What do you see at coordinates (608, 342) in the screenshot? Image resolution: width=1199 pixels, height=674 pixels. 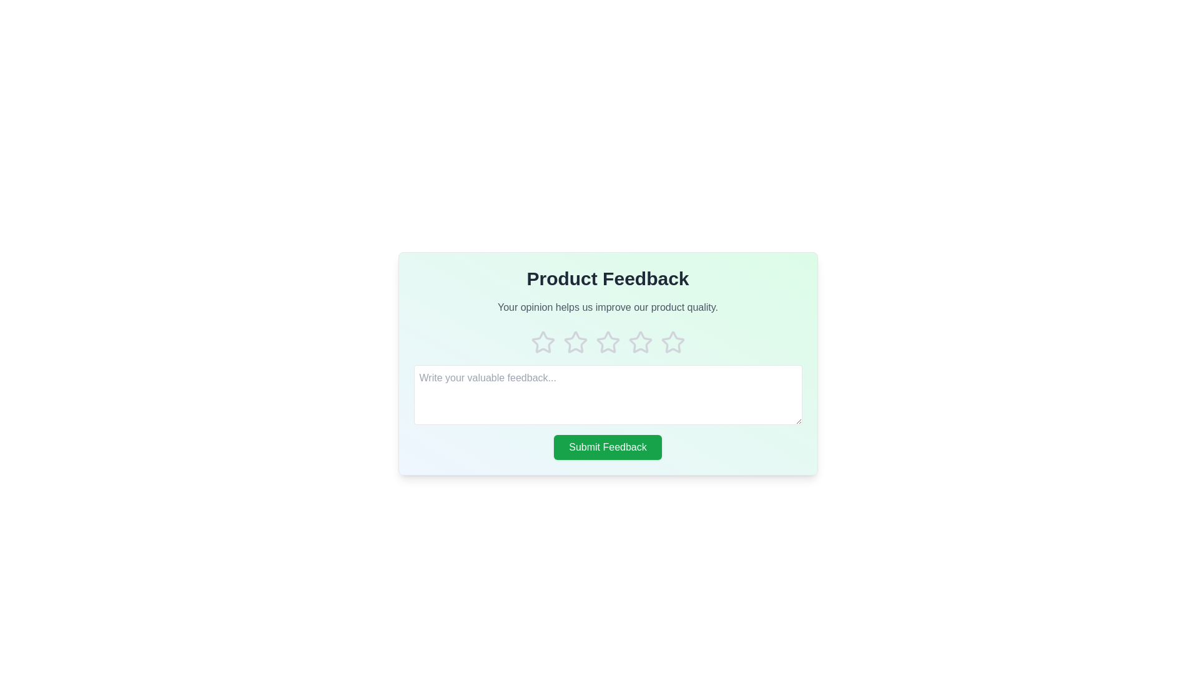 I see `the third star in the five-star rating component` at bounding box center [608, 342].